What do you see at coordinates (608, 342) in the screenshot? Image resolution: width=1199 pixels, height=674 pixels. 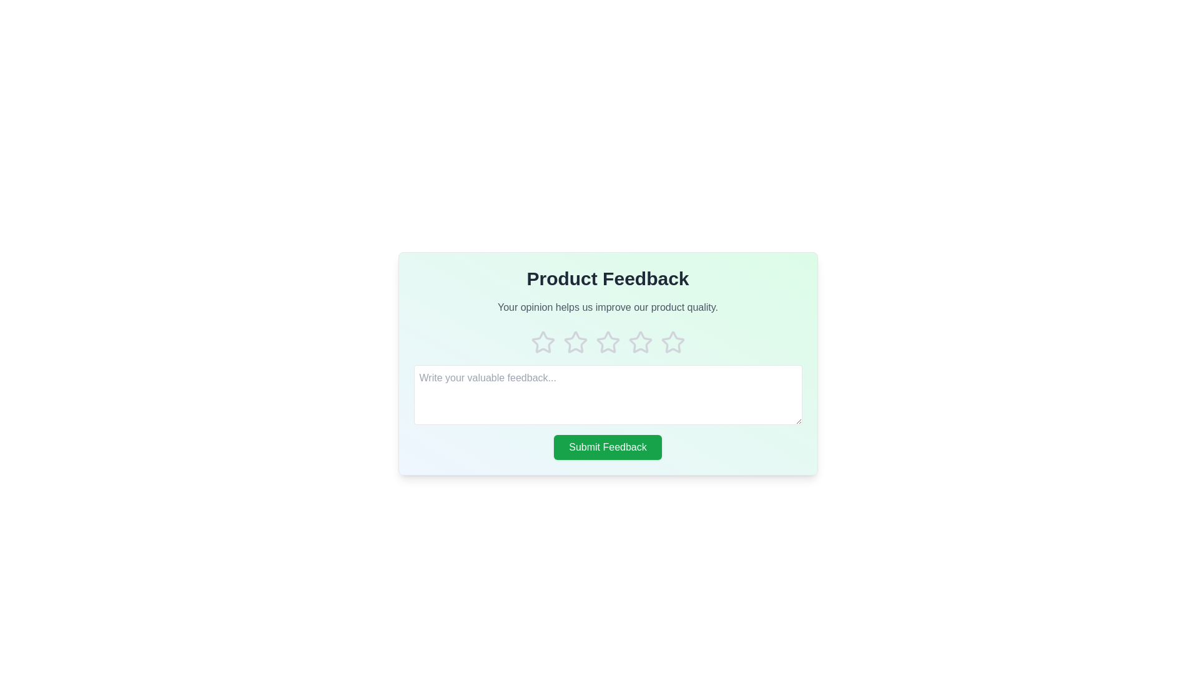 I see `the third star in the five-star rating component` at bounding box center [608, 342].